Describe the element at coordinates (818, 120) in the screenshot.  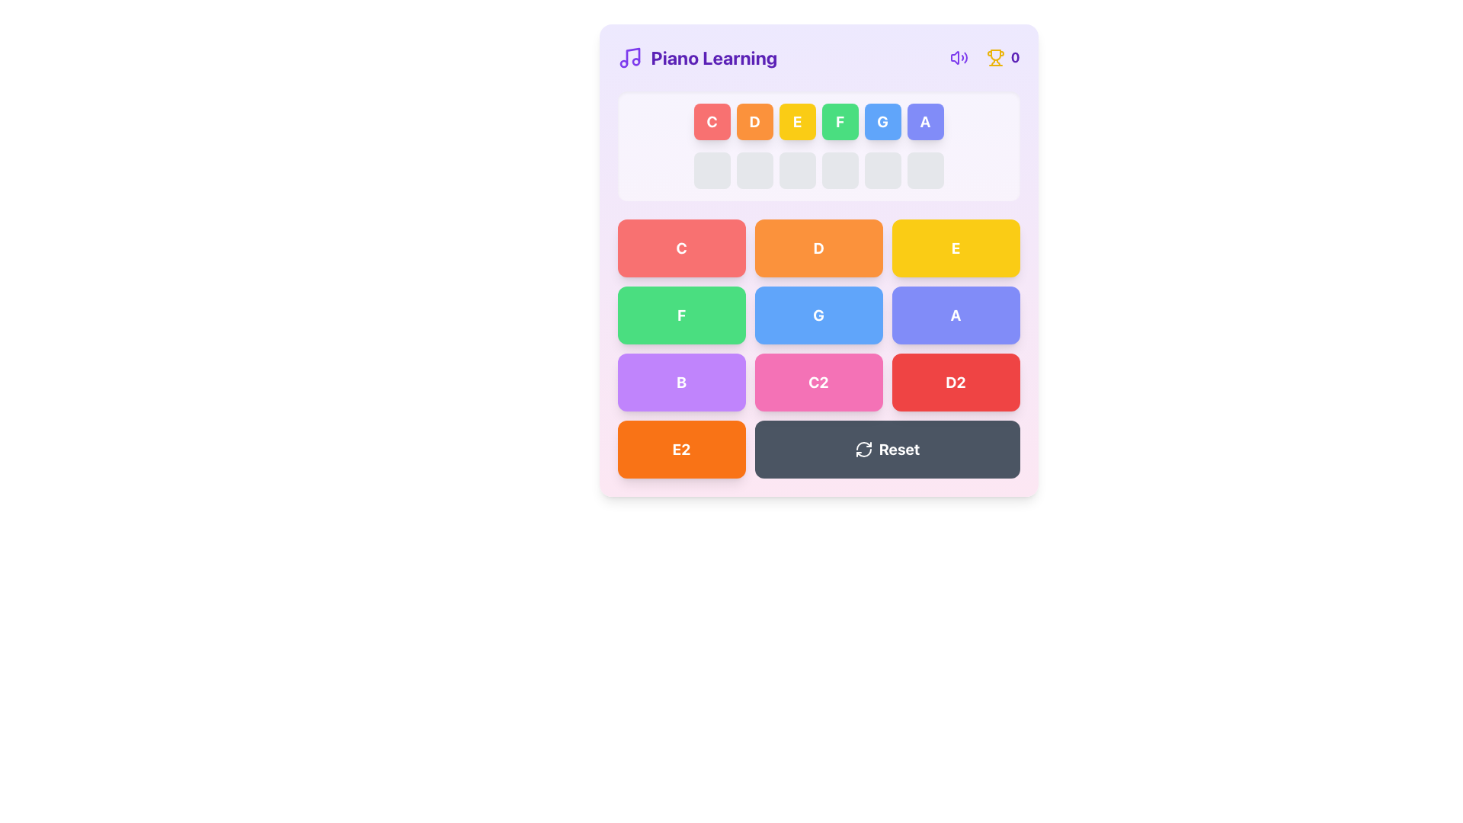
I see `the display element featuring six colored squares representing musical notes (C, D, E, F, G, A) located under the title 'Piano Learning'` at that location.